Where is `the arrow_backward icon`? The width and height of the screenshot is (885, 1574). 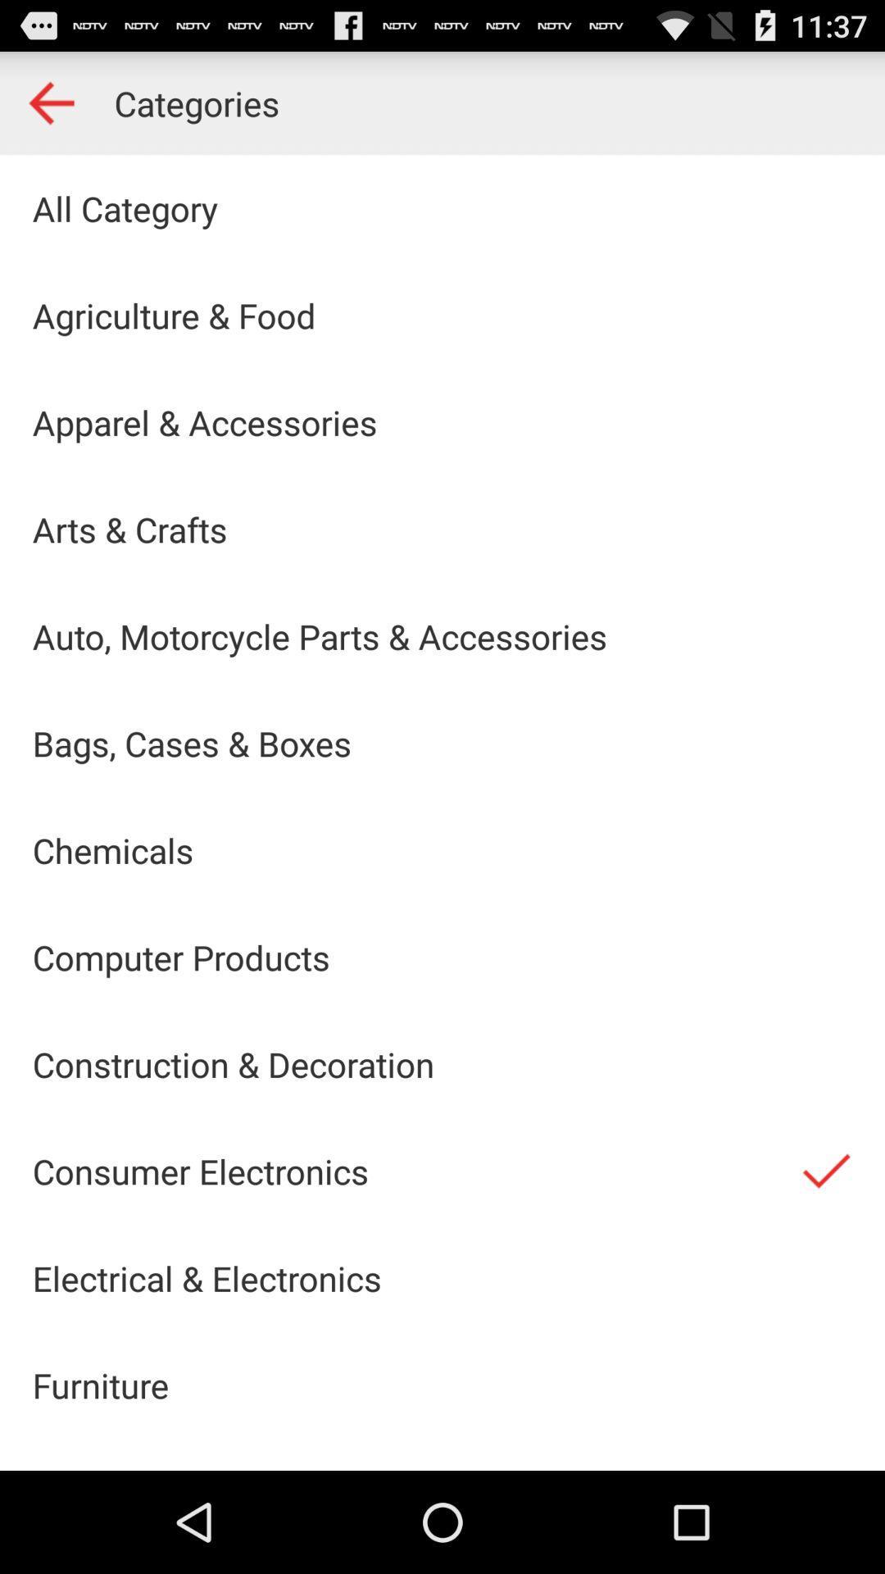
the arrow_backward icon is located at coordinates (50, 109).